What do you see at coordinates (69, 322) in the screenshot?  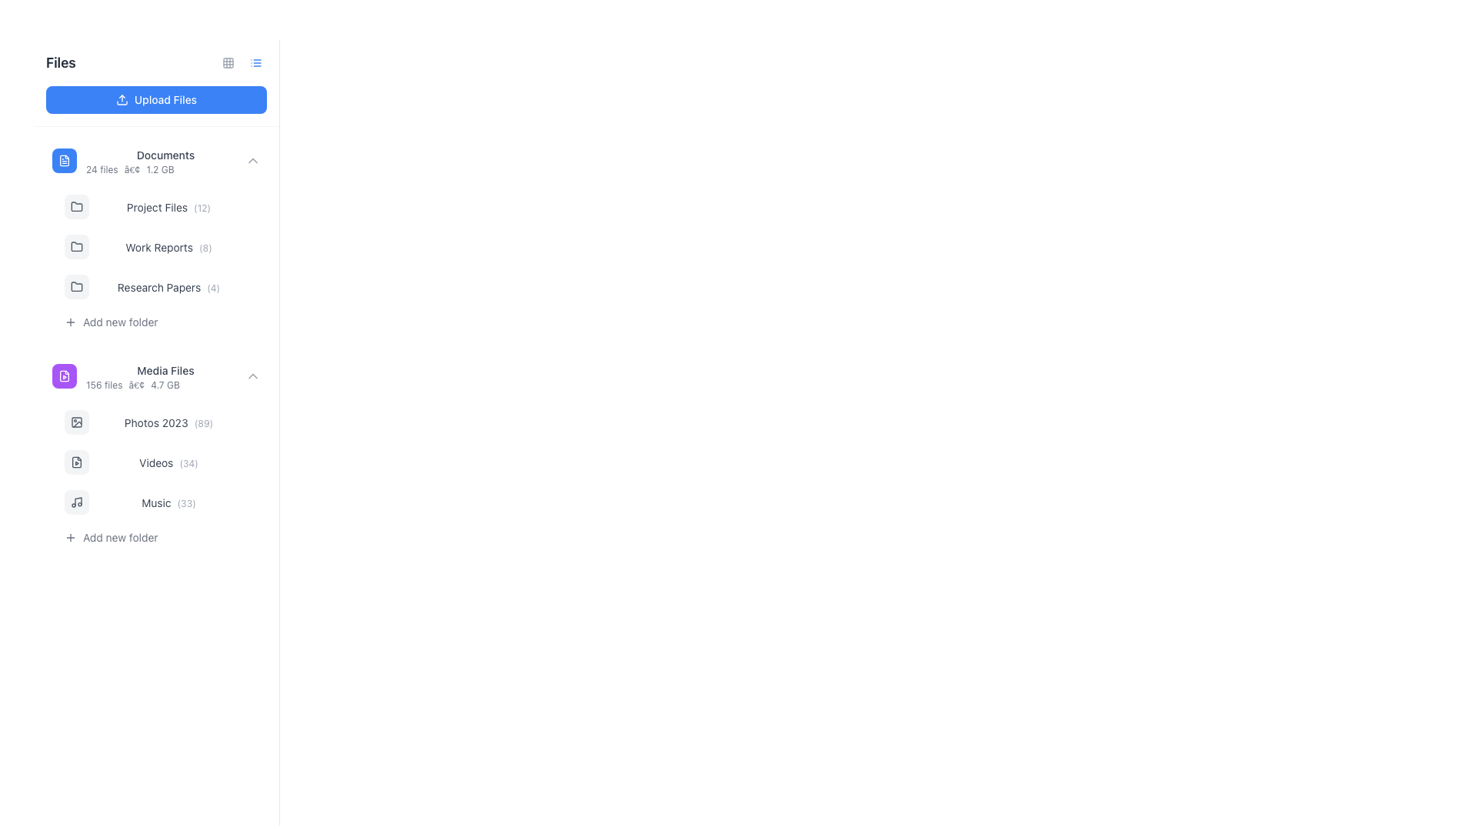 I see `the circular '+' icon button located in the left-hand panel under the 'Documents' section` at bounding box center [69, 322].